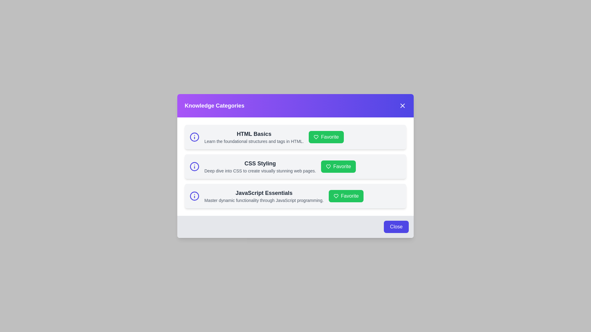 The image size is (591, 332). What do you see at coordinates (328, 167) in the screenshot?
I see `the heart-shaped outline icon filled with bright green color, located to the left of the 'Favorite' button in the second row of the category list, to interact with it` at bounding box center [328, 167].